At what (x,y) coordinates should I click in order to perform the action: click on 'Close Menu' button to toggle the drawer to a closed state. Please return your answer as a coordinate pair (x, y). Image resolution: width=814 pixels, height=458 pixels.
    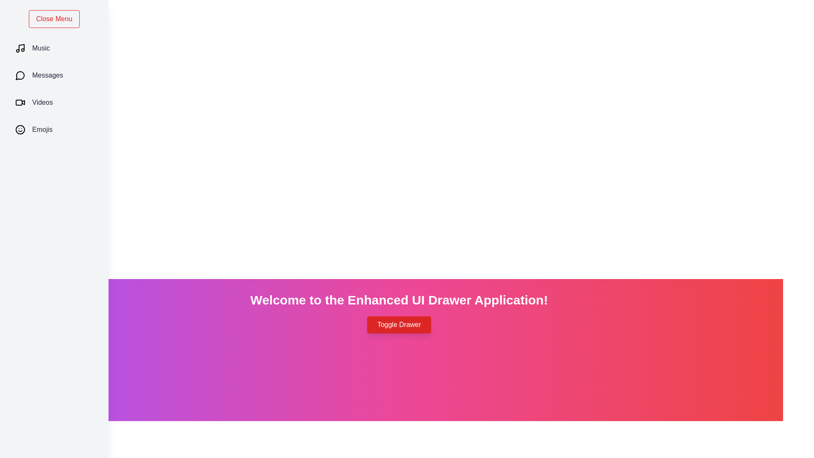
    Looking at the image, I should click on (54, 19).